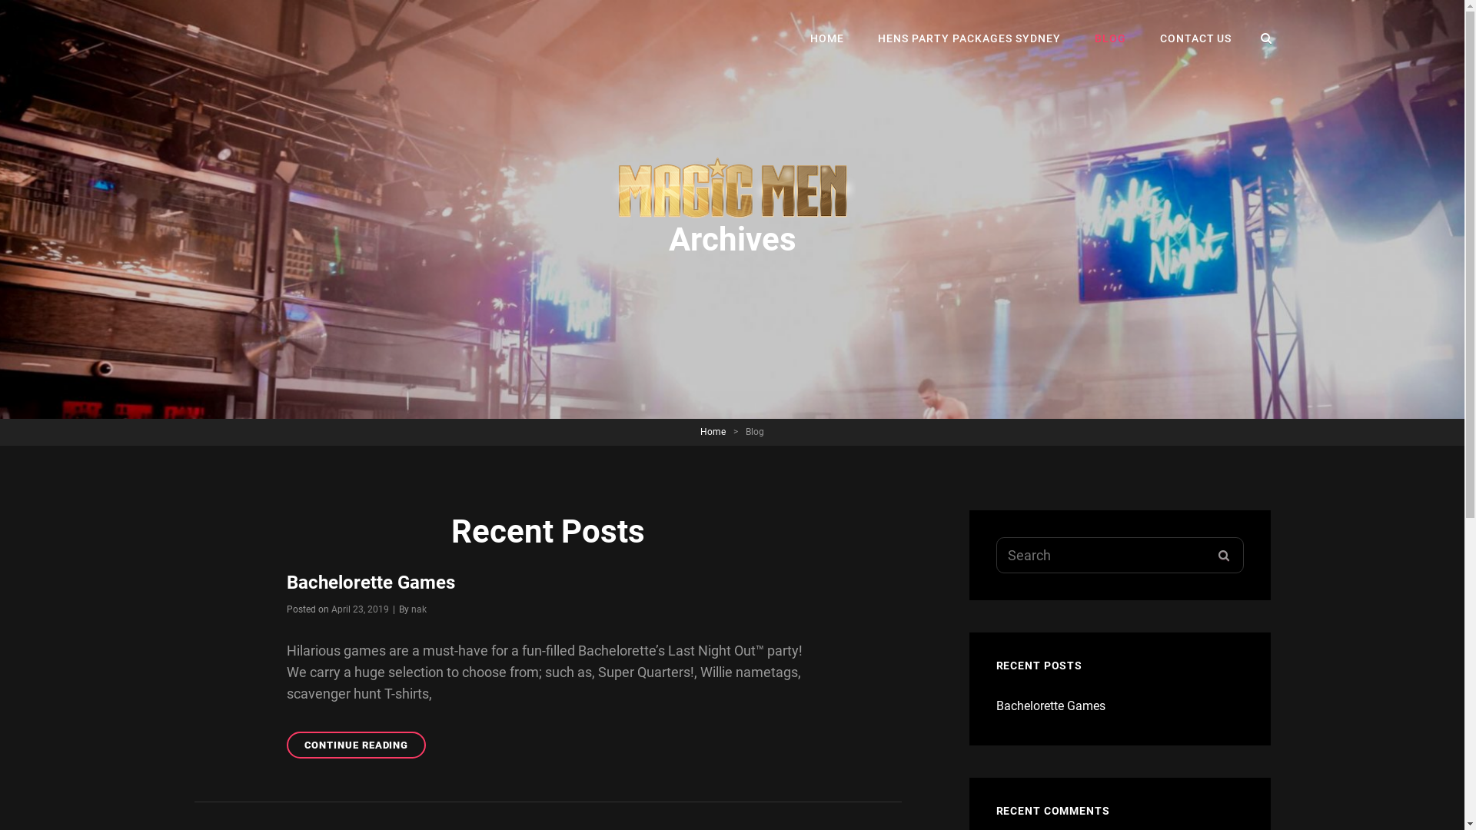 The image size is (1476, 830). What do you see at coordinates (1050, 705) in the screenshot?
I see `'Bachelorette Games'` at bounding box center [1050, 705].